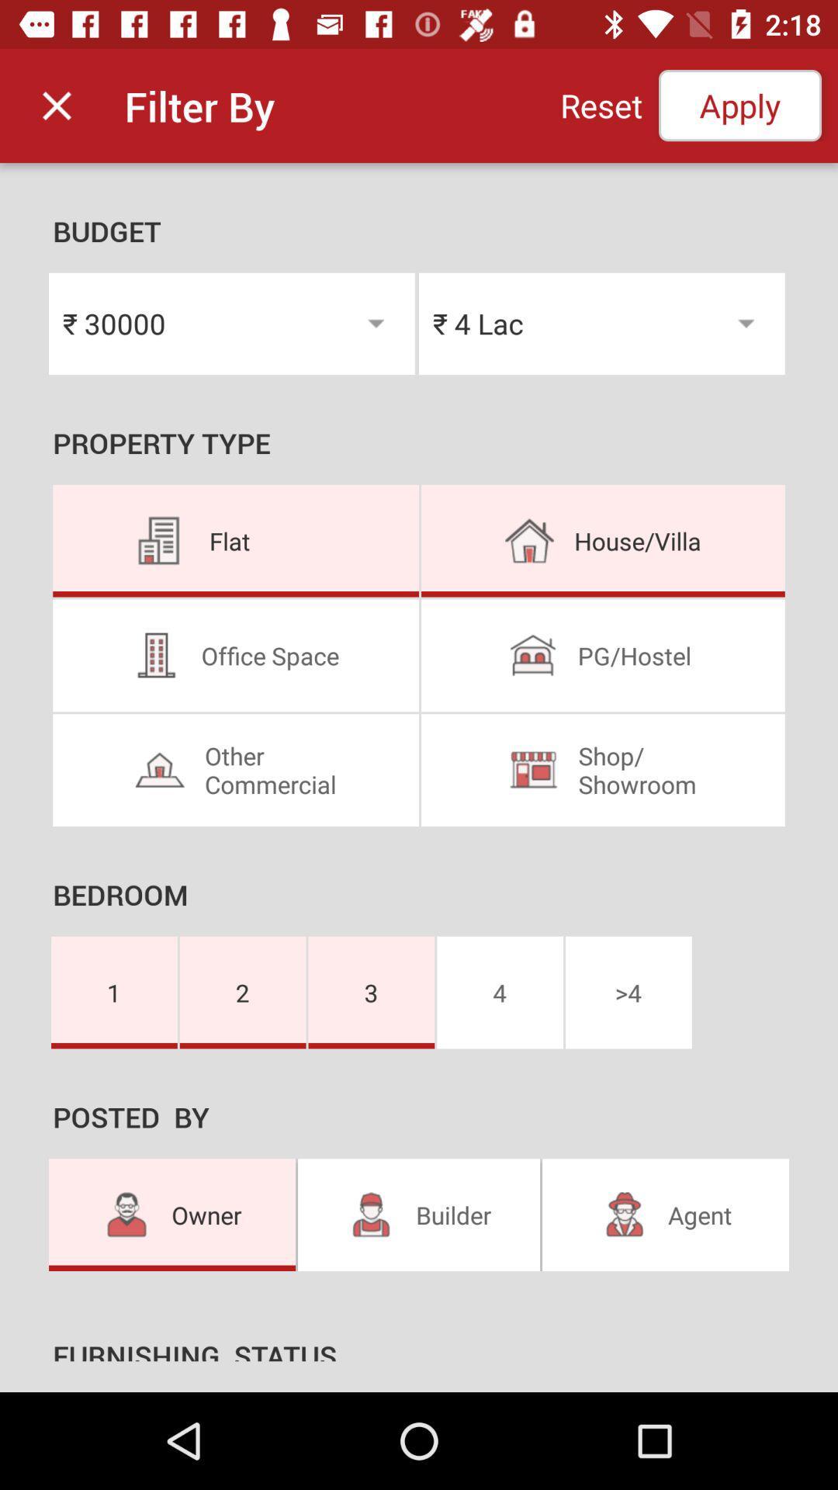 This screenshot has width=838, height=1490. What do you see at coordinates (56, 105) in the screenshot?
I see `exit menu` at bounding box center [56, 105].